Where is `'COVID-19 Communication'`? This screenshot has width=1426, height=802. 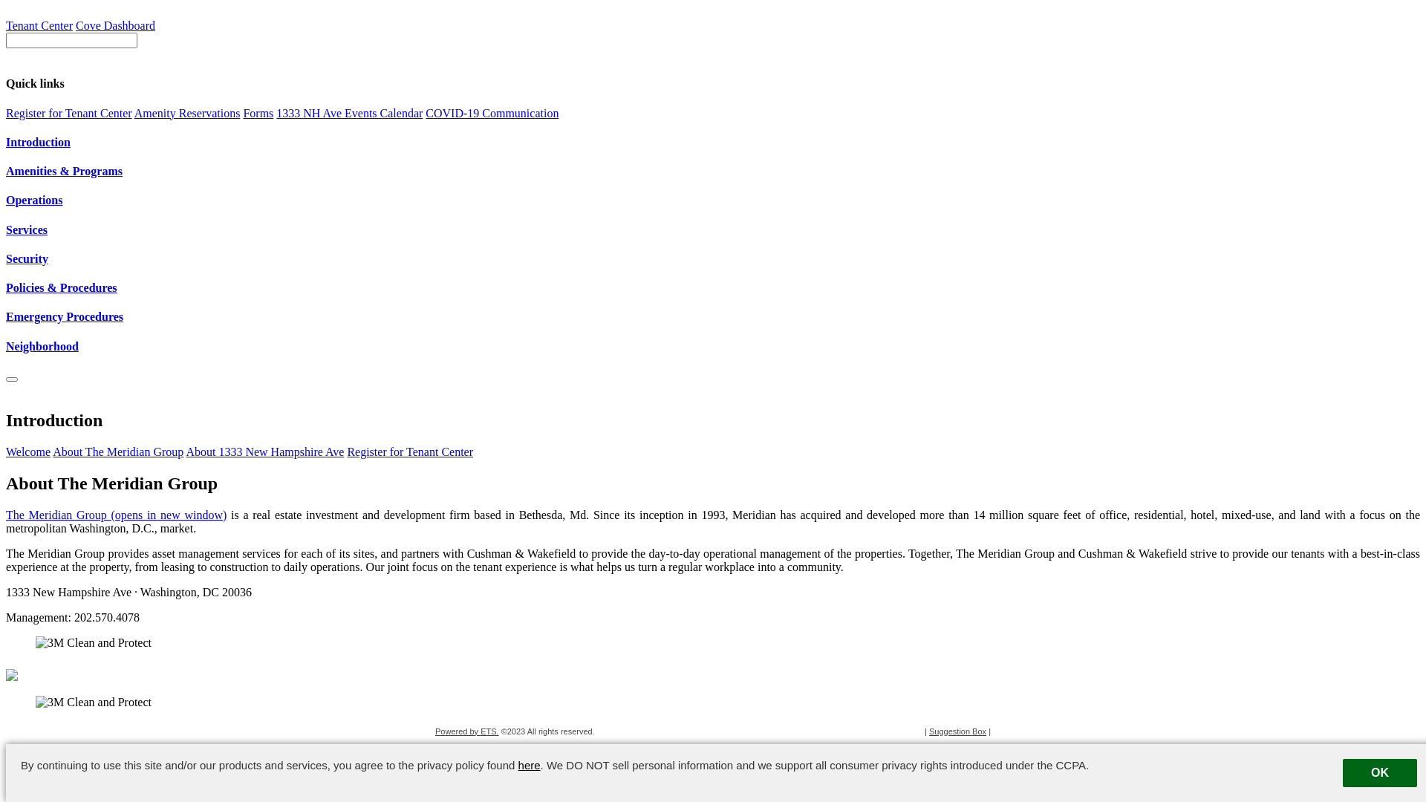 'COVID-19 Communication' is located at coordinates (492, 112).